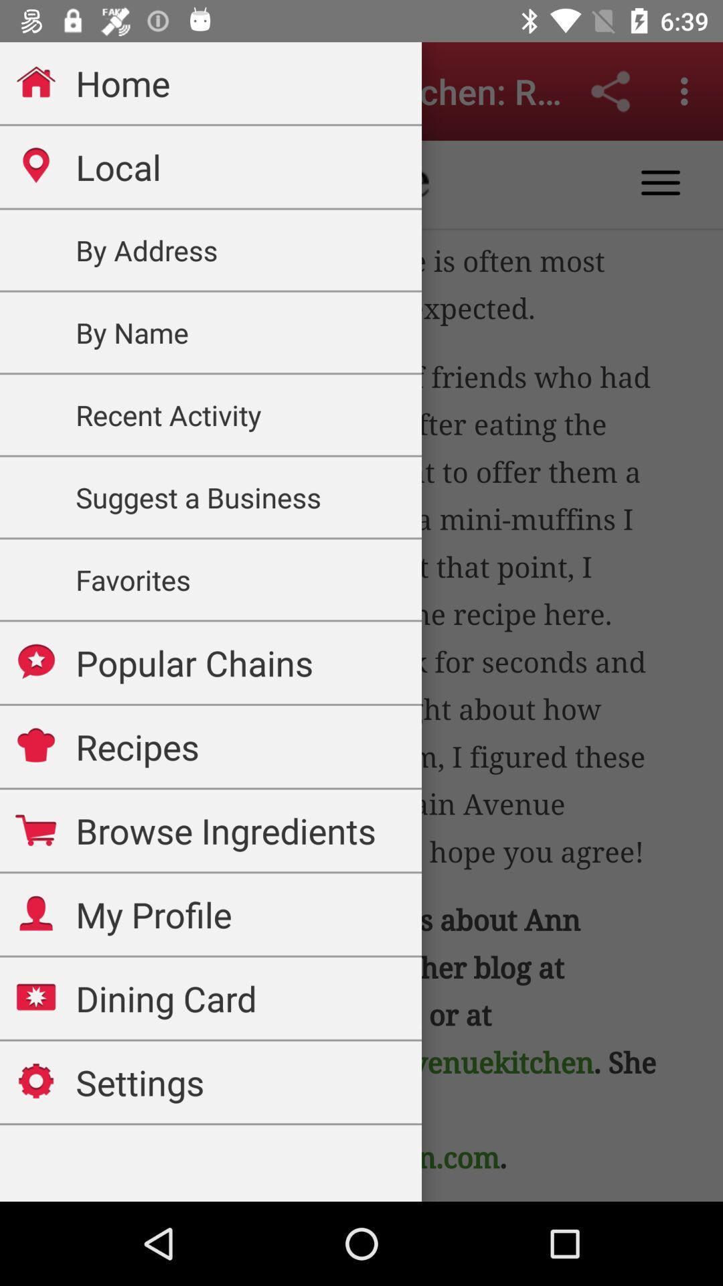 The image size is (723, 1286). Describe the element at coordinates (35, 745) in the screenshot. I see `the icon which is before recipes` at that location.